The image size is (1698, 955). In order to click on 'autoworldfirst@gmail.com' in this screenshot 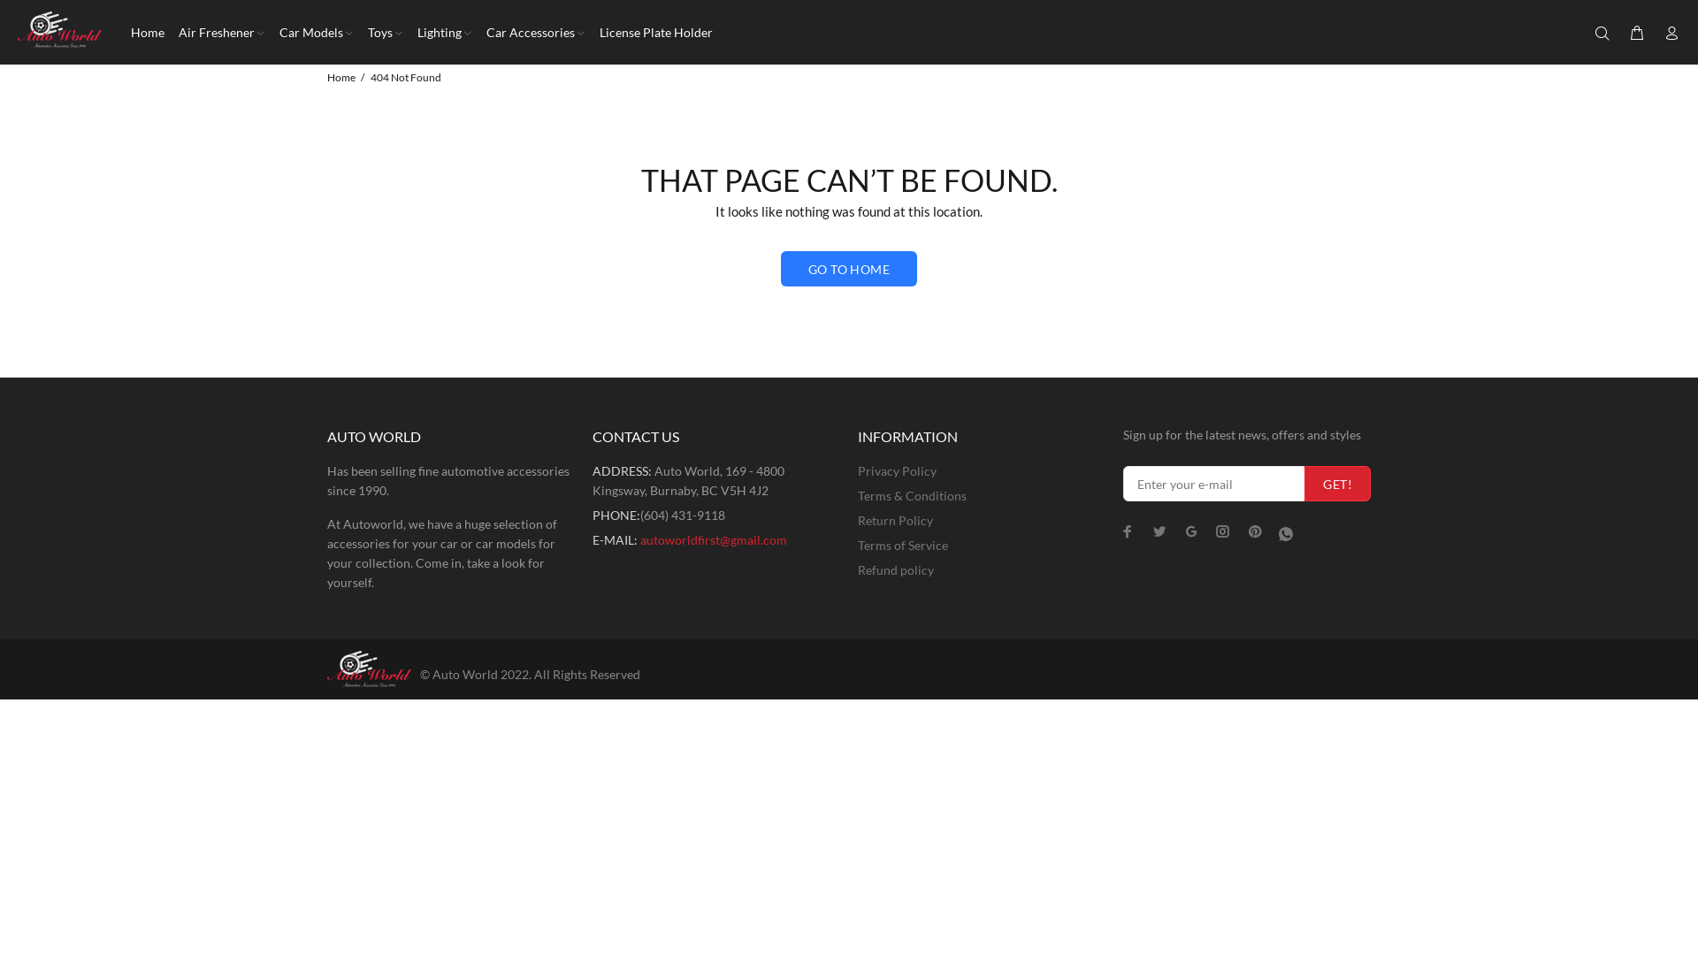, I will do `click(639, 539)`.